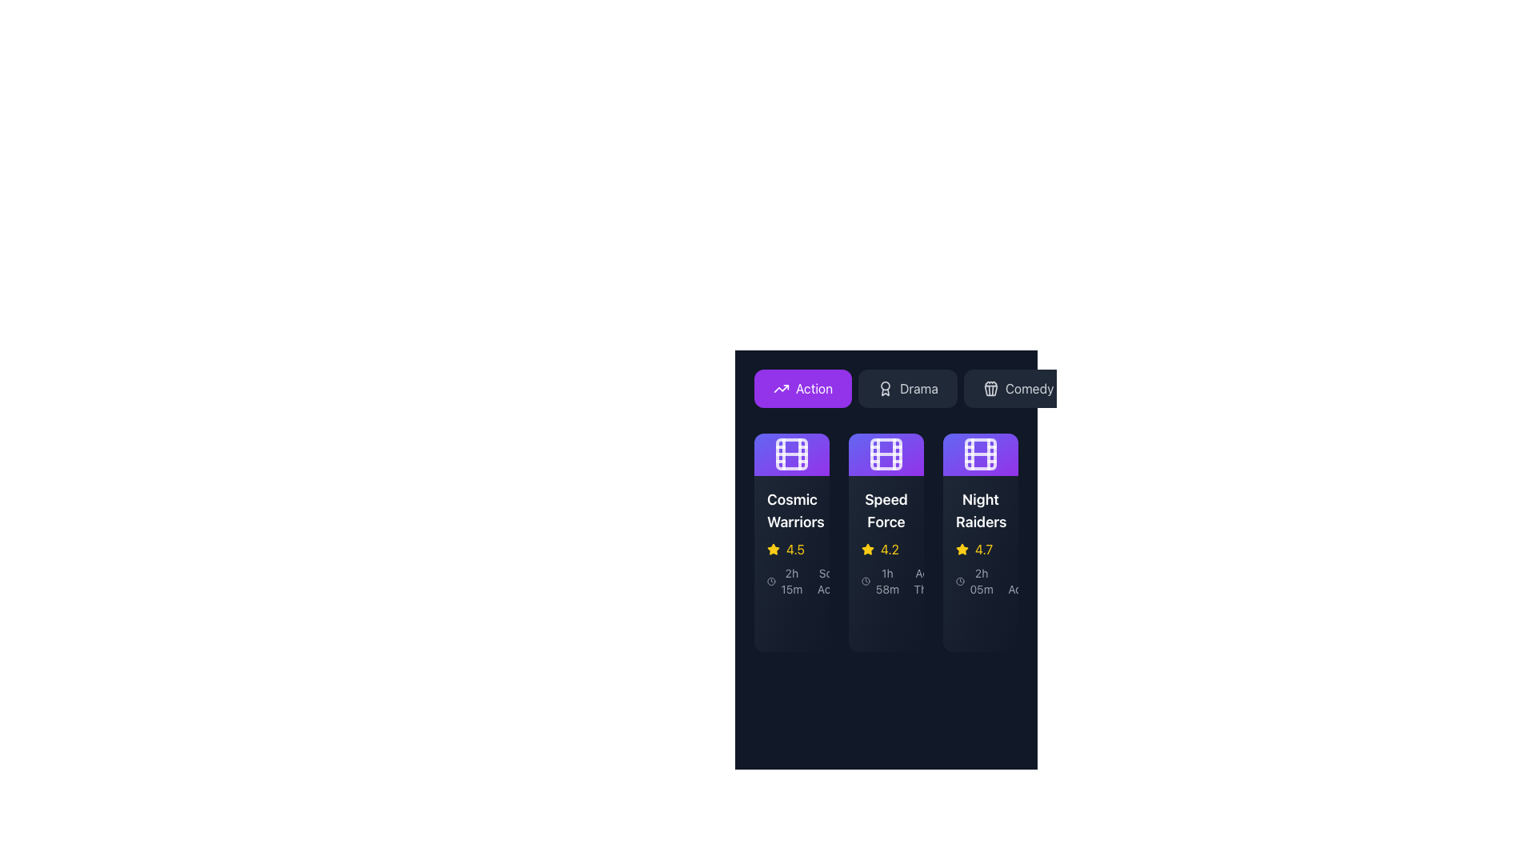 The height and width of the screenshot is (864, 1536). What do you see at coordinates (979, 548) in the screenshot?
I see `rating value displayed in the third card from the left, positioned below the title 'Night Raiders'` at bounding box center [979, 548].